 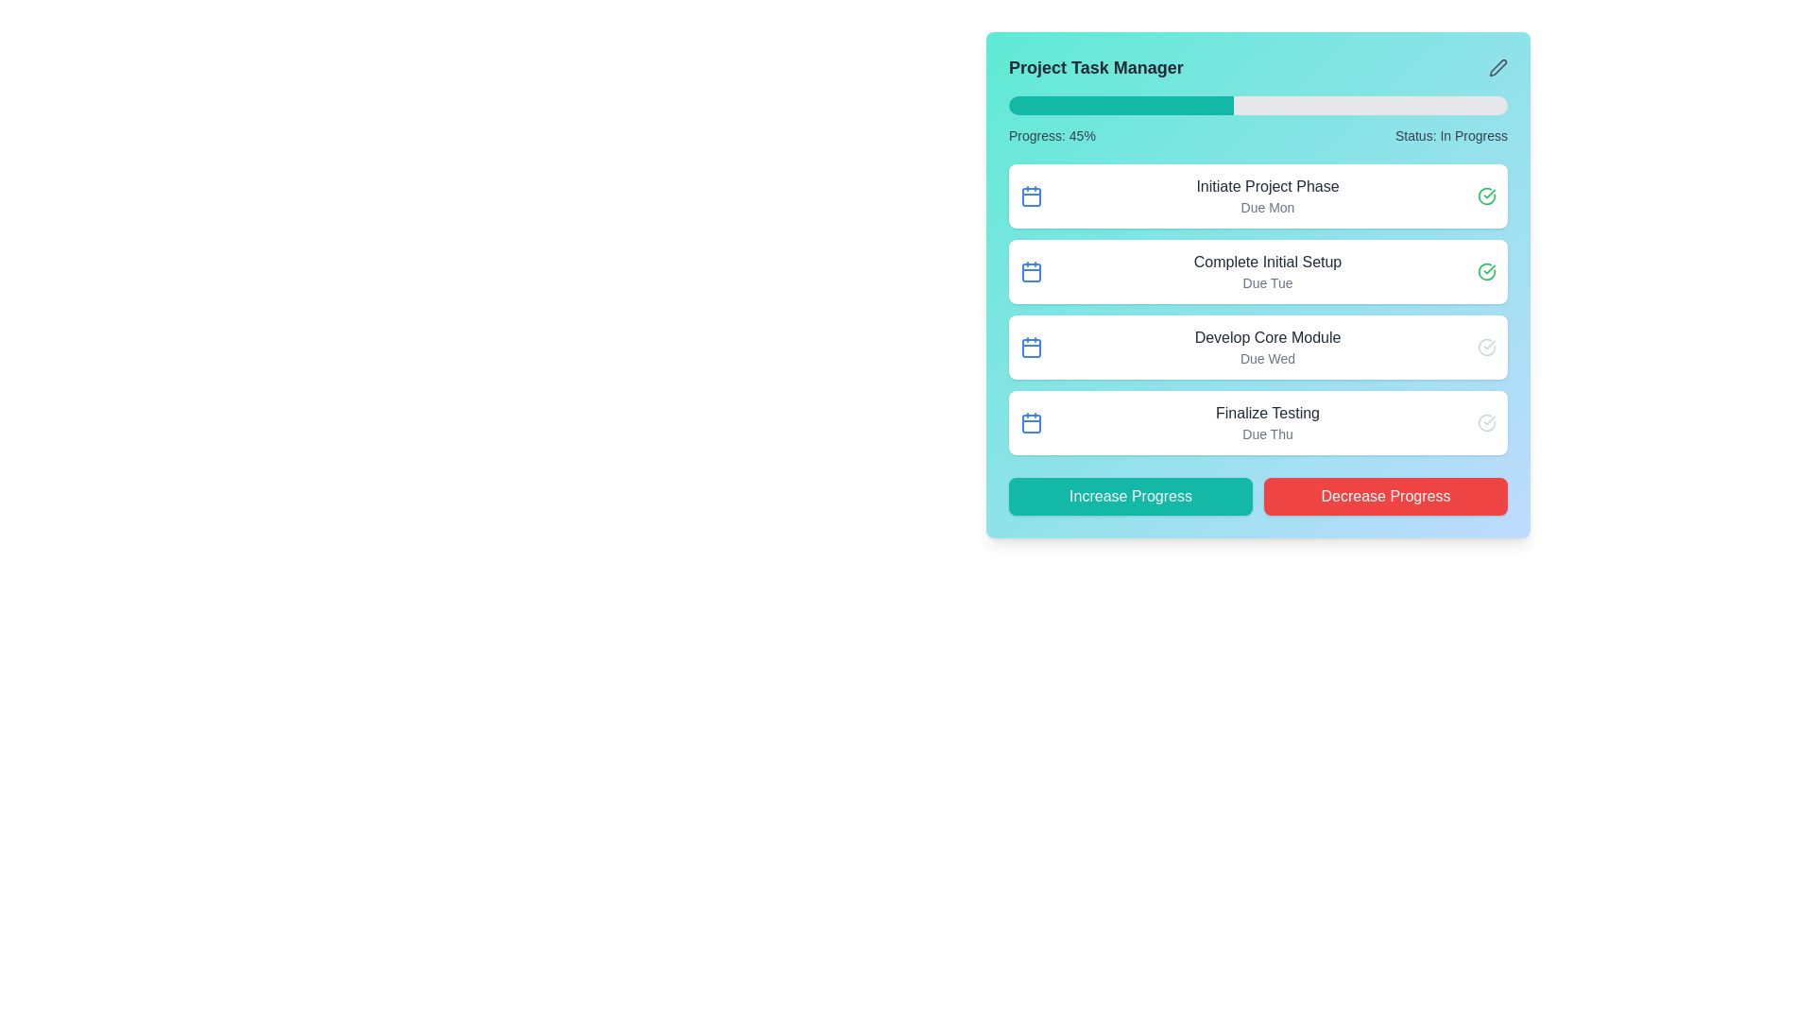 I want to click on the progress bar, so click(x=1101, y=105).